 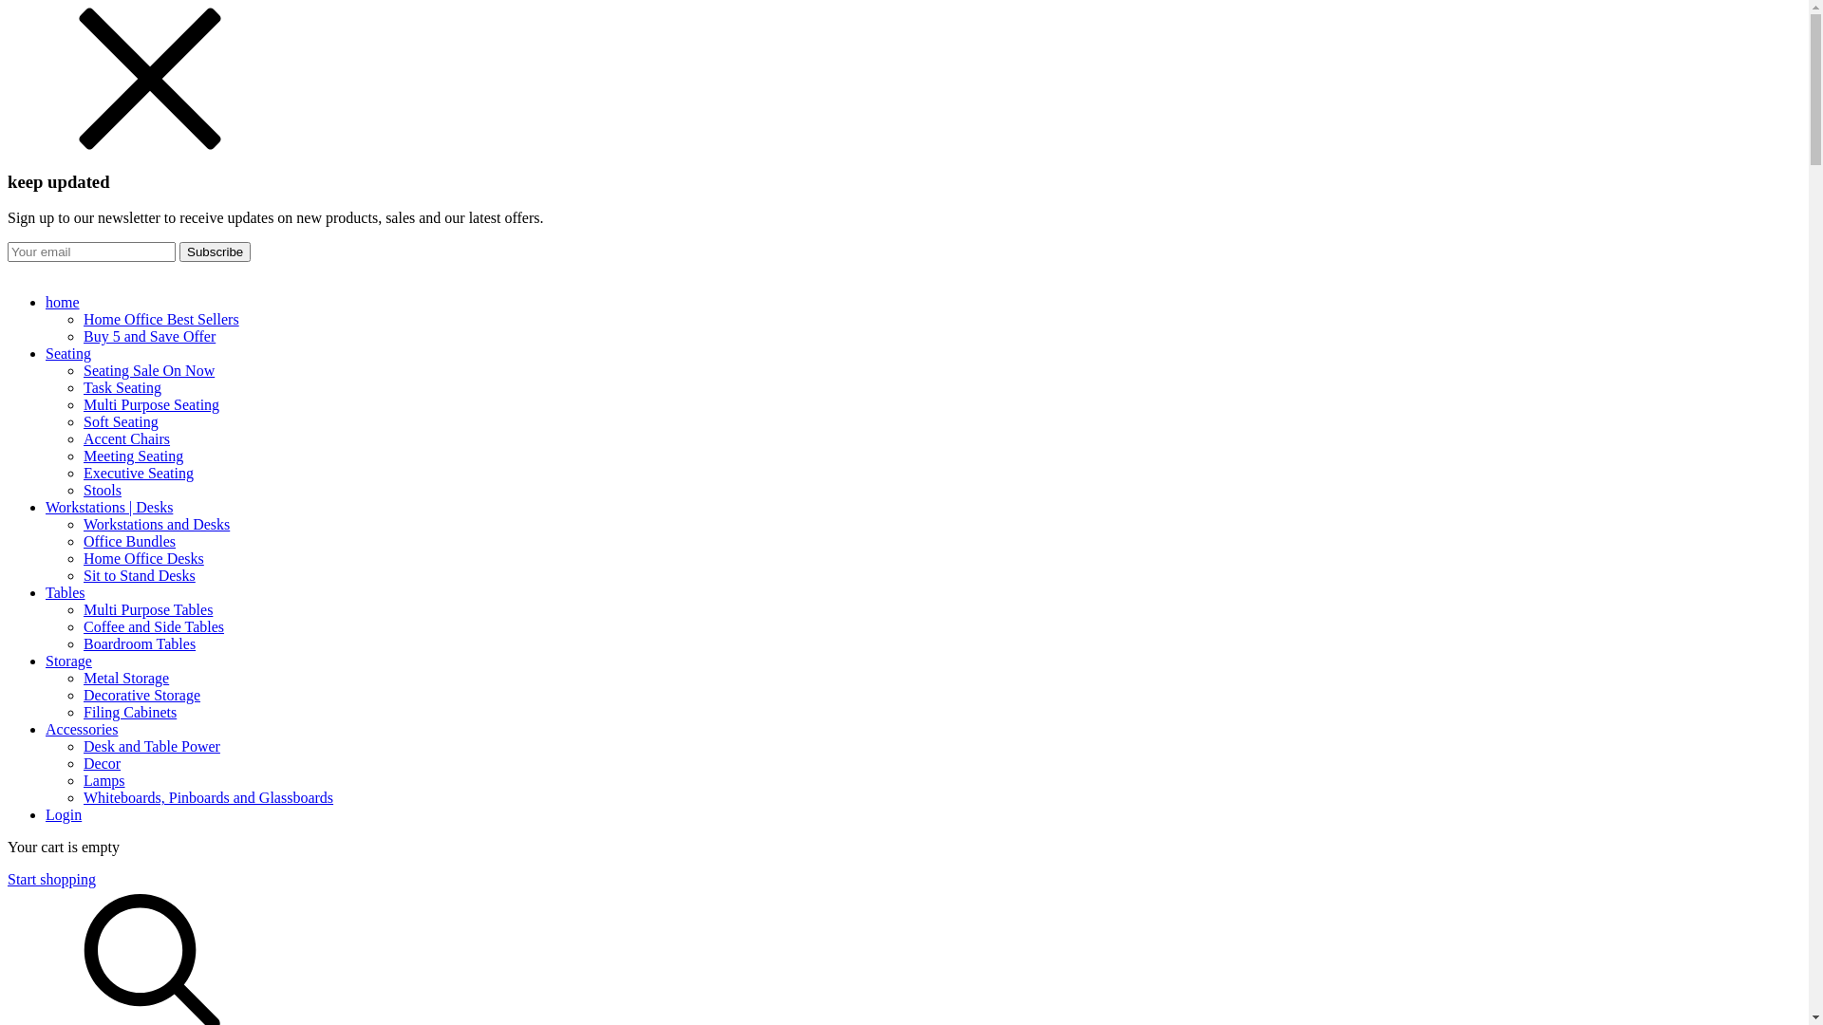 What do you see at coordinates (122, 386) in the screenshot?
I see `'Task Seating'` at bounding box center [122, 386].